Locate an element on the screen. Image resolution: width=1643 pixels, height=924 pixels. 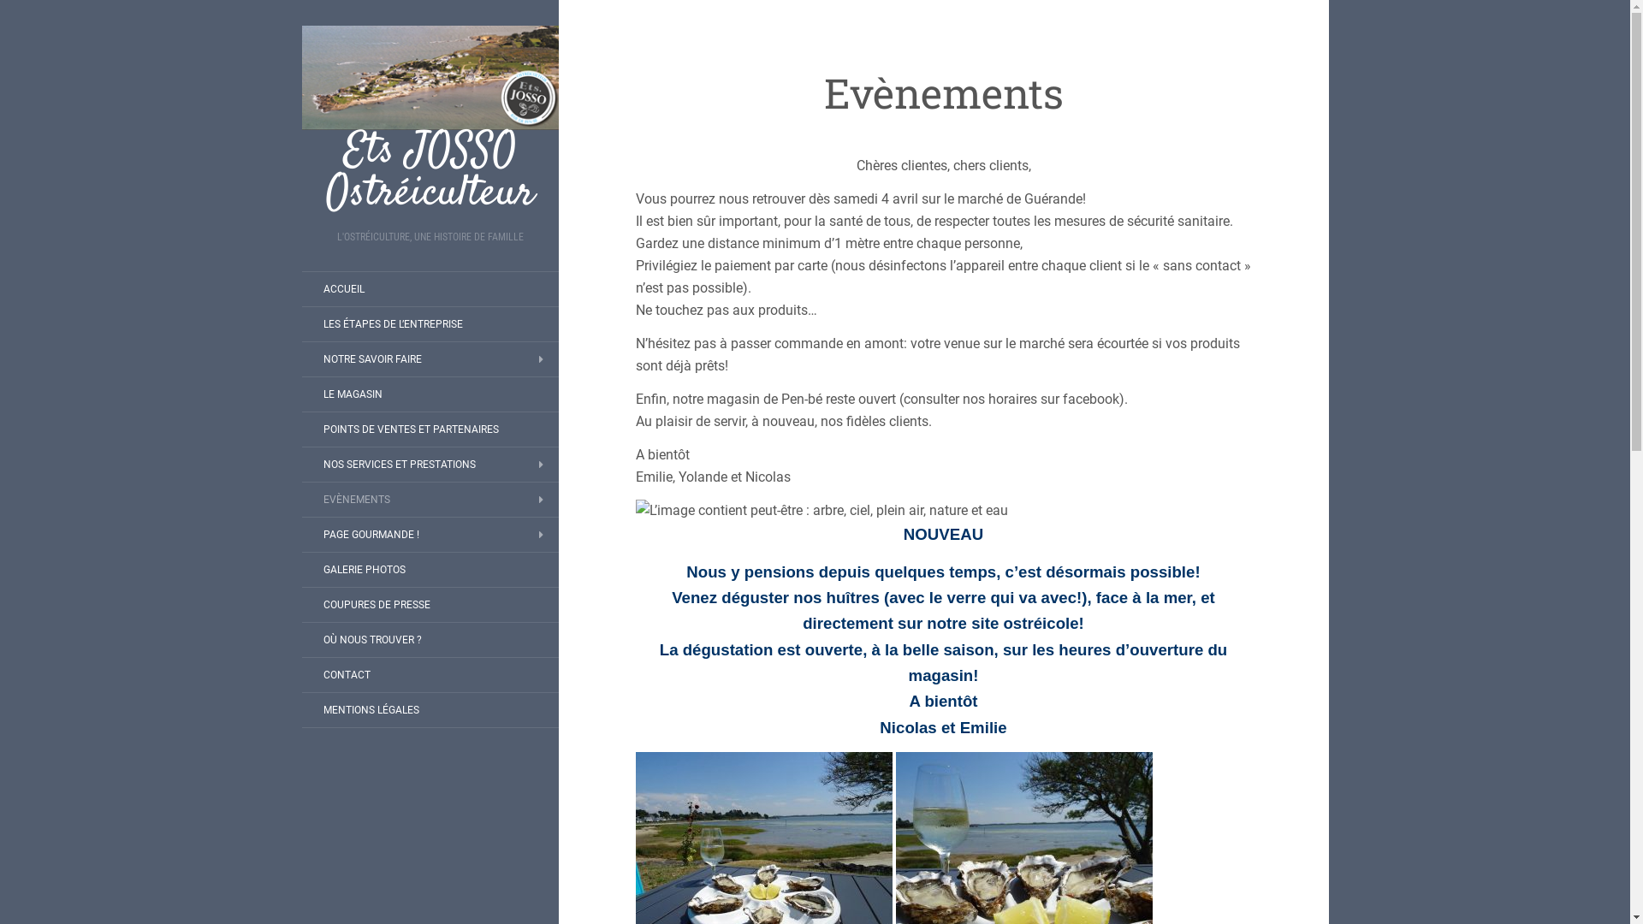
'NOTRE SAVOIR FAIRE' is located at coordinates (371, 358).